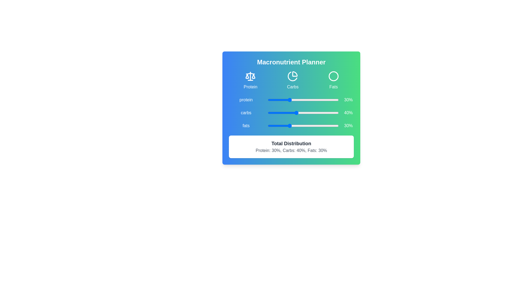 The height and width of the screenshot is (291, 517). What do you see at coordinates (336, 113) in the screenshot?
I see `the carbs percentage` at bounding box center [336, 113].